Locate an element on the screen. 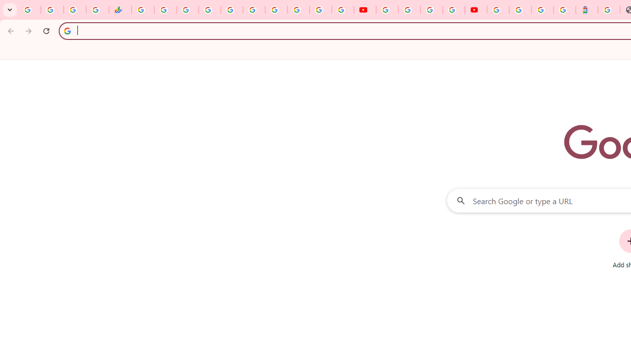  'Sign in - Google Accounts' is located at coordinates (520, 10).